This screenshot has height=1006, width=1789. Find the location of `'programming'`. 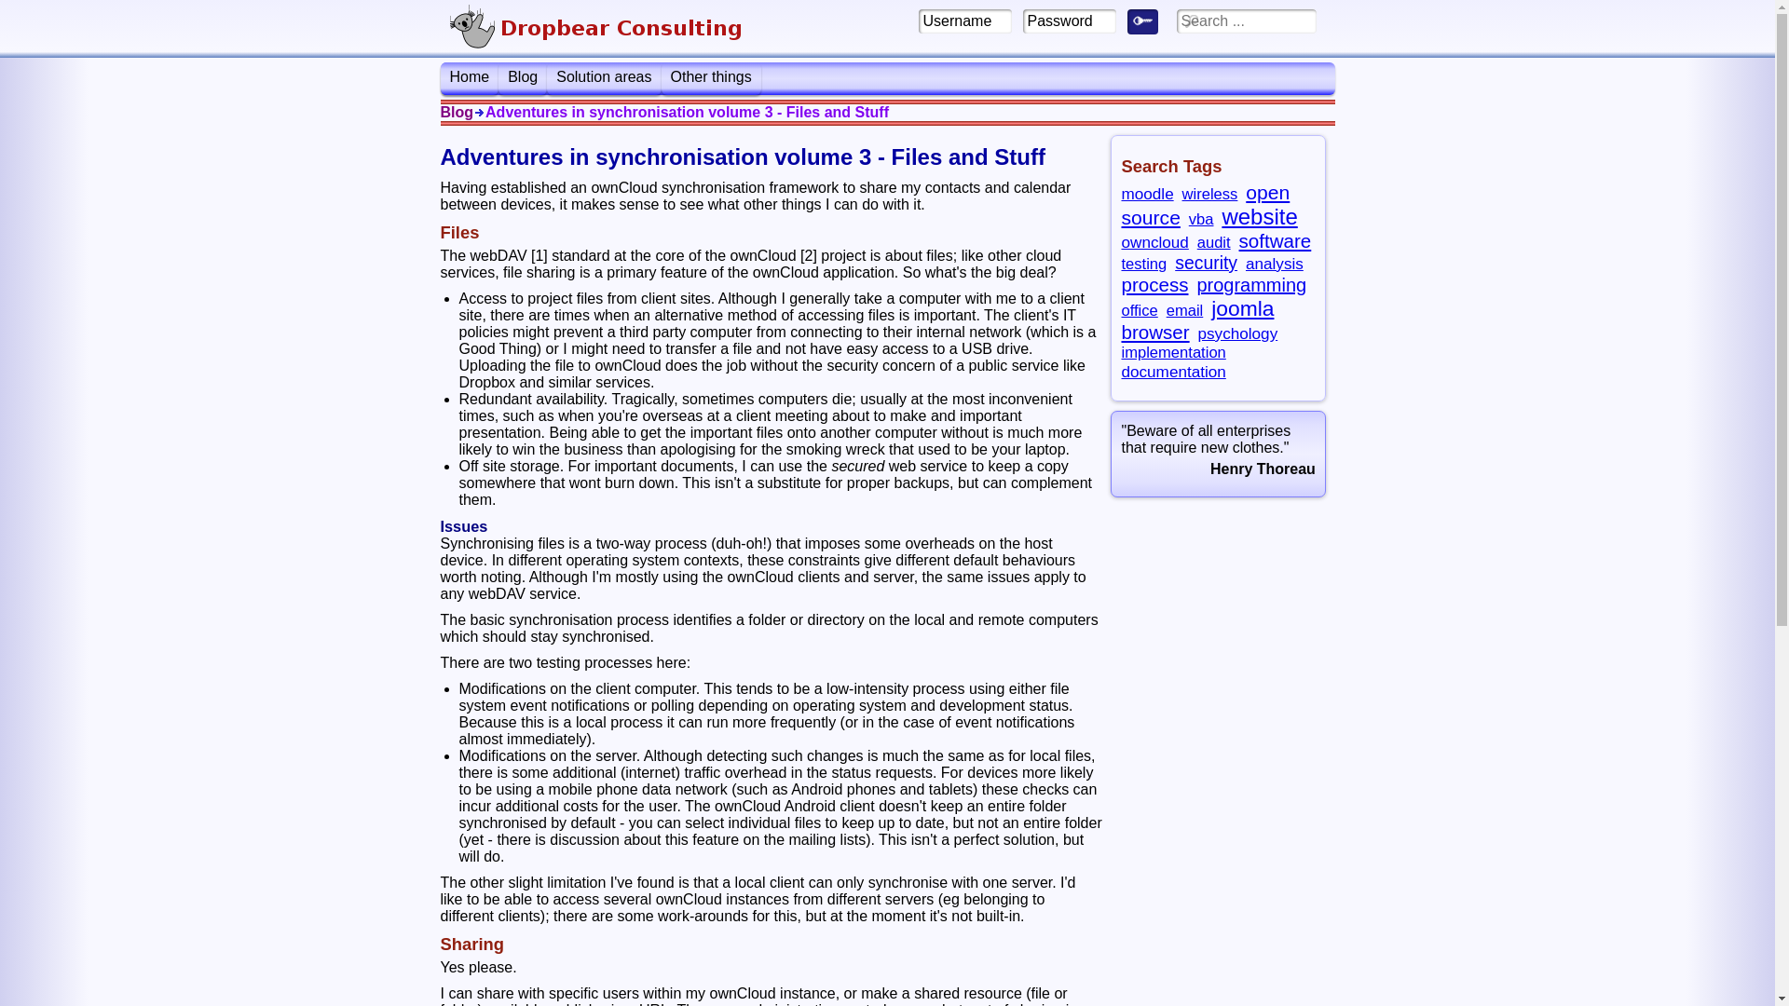

'programming' is located at coordinates (1251, 284).